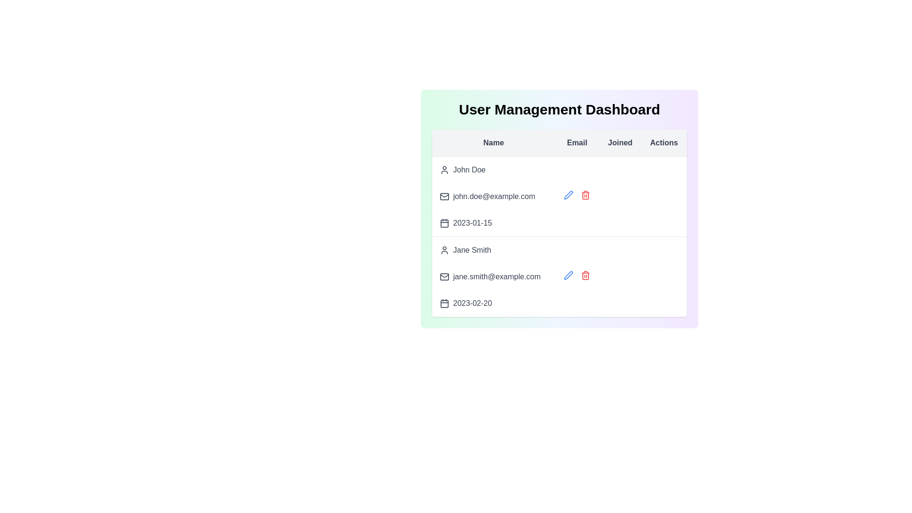  What do you see at coordinates (444, 170) in the screenshot?
I see `the user icon for the user John Doe` at bounding box center [444, 170].